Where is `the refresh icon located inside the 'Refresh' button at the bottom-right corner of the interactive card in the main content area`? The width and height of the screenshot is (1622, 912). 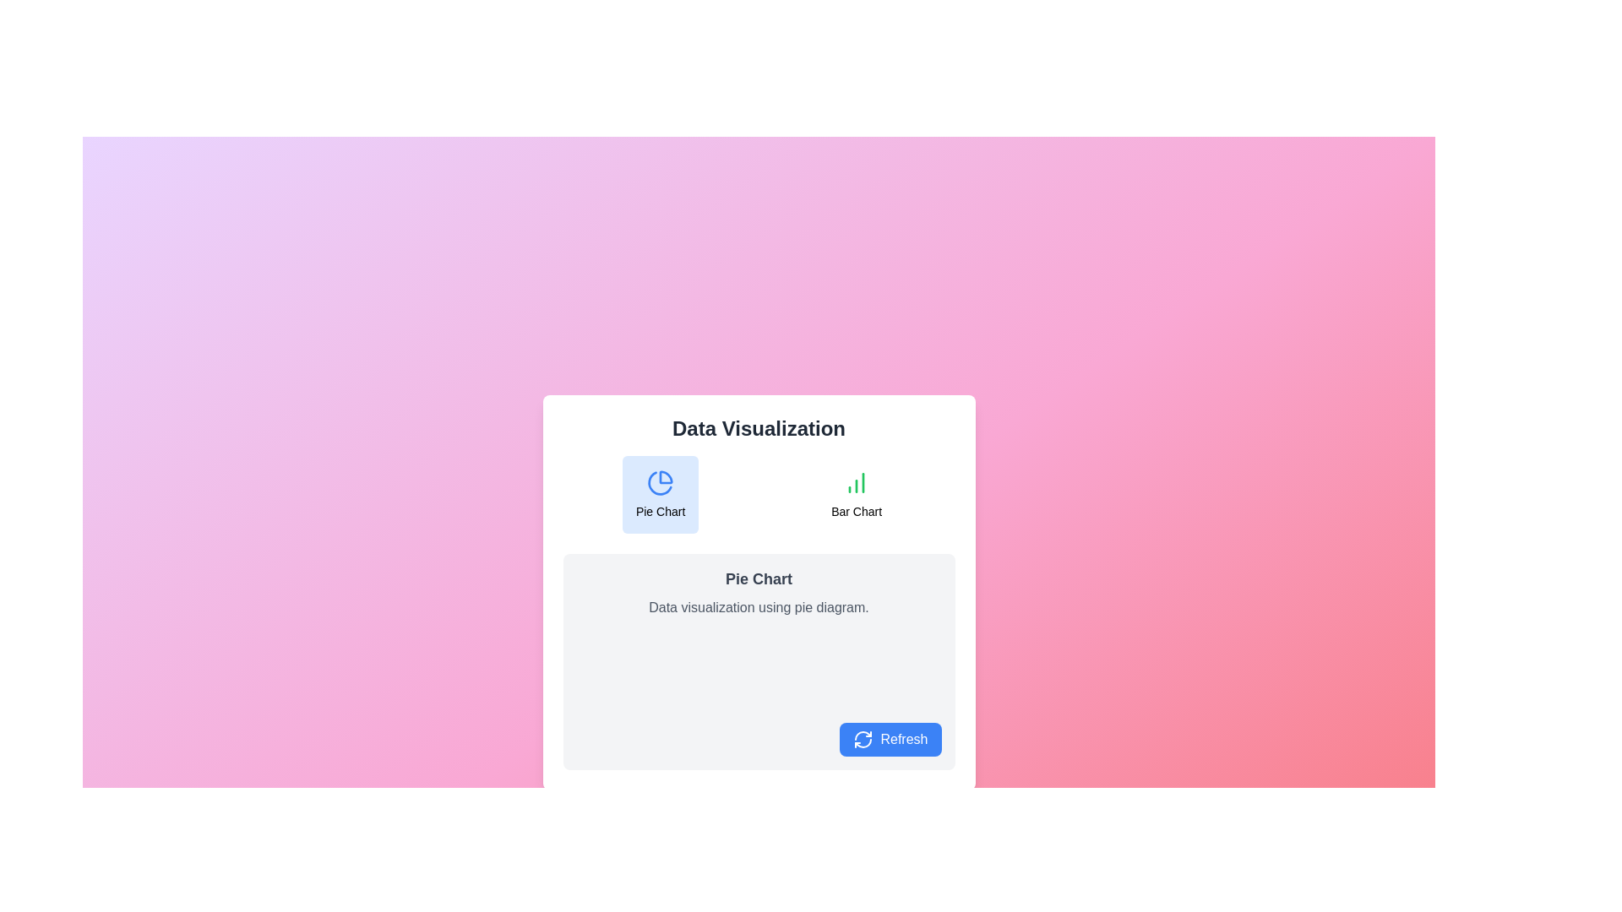
the refresh icon located inside the 'Refresh' button at the bottom-right corner of the interactive card in the main content area is located at coordinates (863, 738).